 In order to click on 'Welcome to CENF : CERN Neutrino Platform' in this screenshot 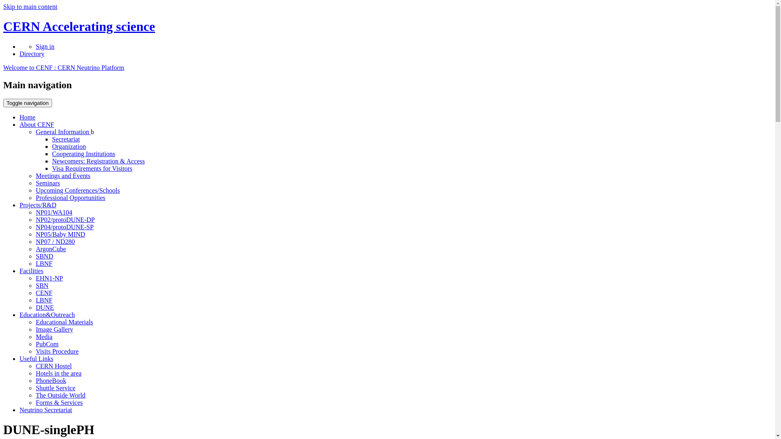, I will do `click(63, 67)`.